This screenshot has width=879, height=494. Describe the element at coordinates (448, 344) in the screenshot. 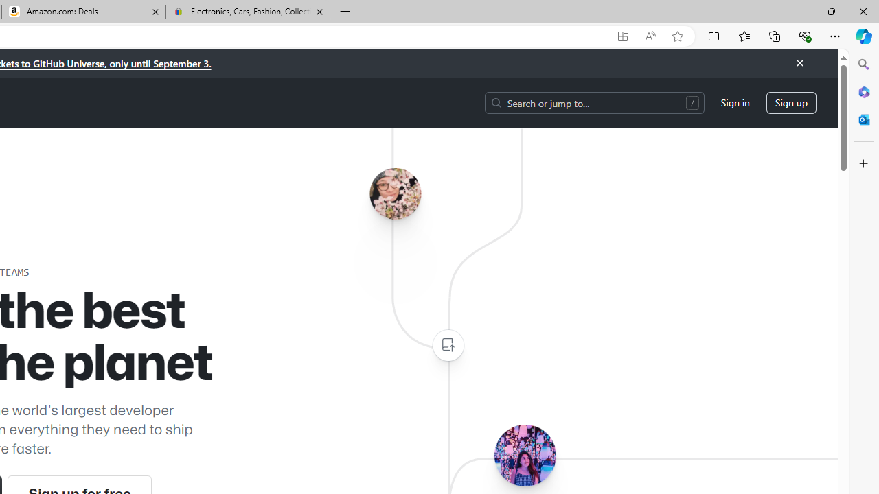

I see `'Class: color-fg-muted width-full'` at that location.